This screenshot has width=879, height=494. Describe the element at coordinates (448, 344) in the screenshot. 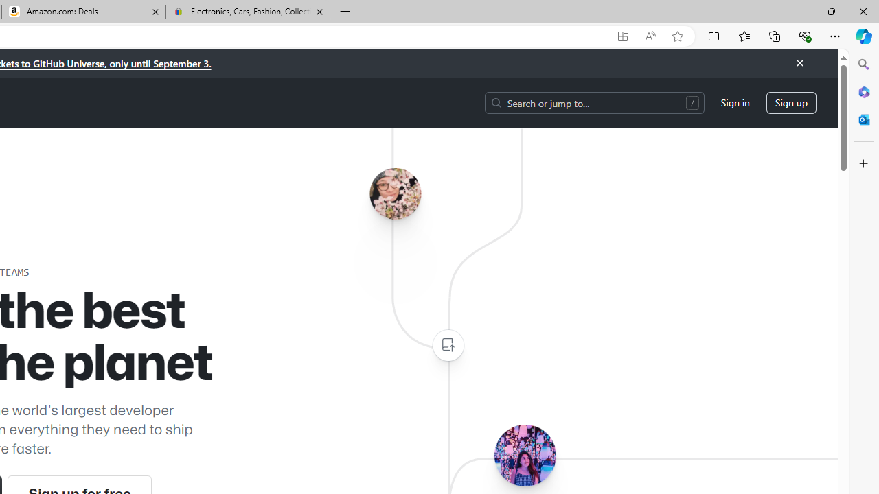

I see `'Class: color-fg-muted width-full'` at that location.